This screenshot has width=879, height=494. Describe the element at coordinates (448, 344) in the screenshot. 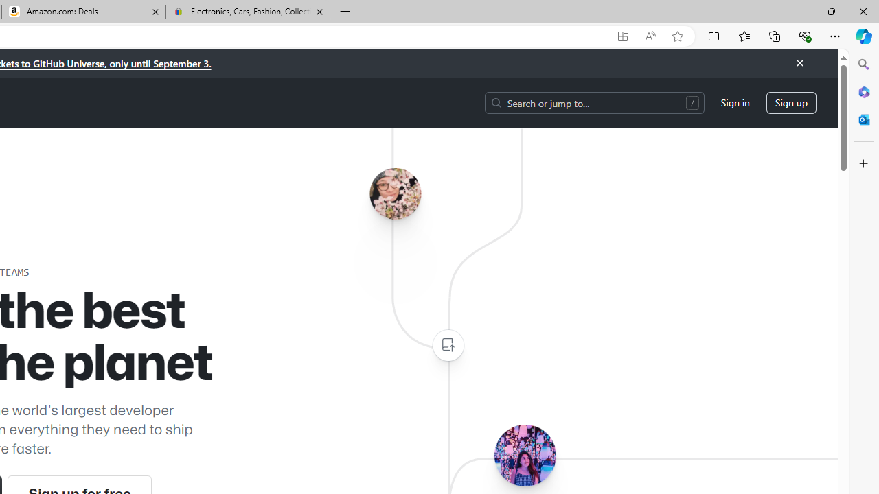

I see `'Class: color-fg-muted width-full'` at that location.